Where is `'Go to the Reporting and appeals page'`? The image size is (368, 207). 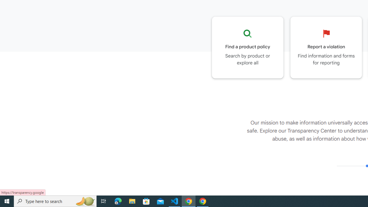
'Go to the Reporting and appeals page' is located at coordinates (326, 47).